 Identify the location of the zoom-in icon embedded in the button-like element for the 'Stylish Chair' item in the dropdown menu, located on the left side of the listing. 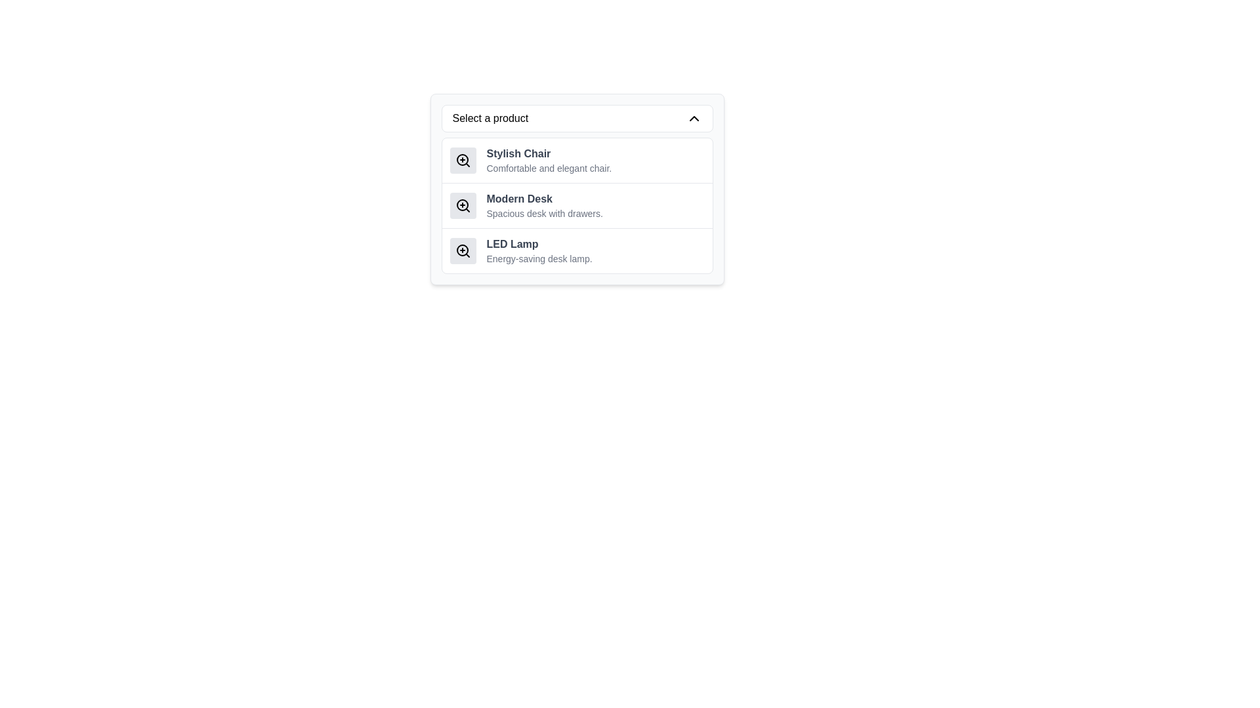
(463, 160).